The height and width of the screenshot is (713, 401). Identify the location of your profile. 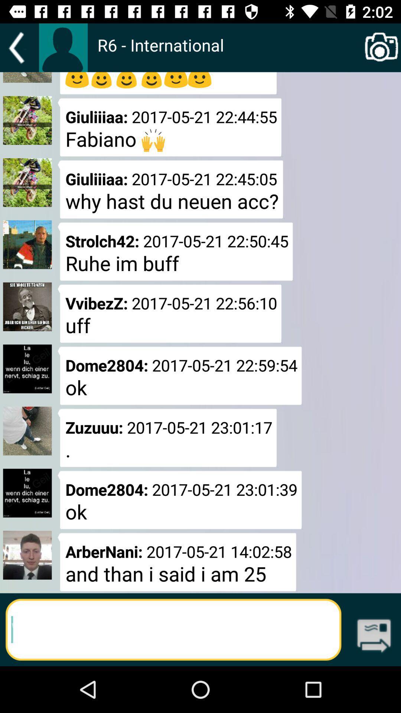
(63, 47).